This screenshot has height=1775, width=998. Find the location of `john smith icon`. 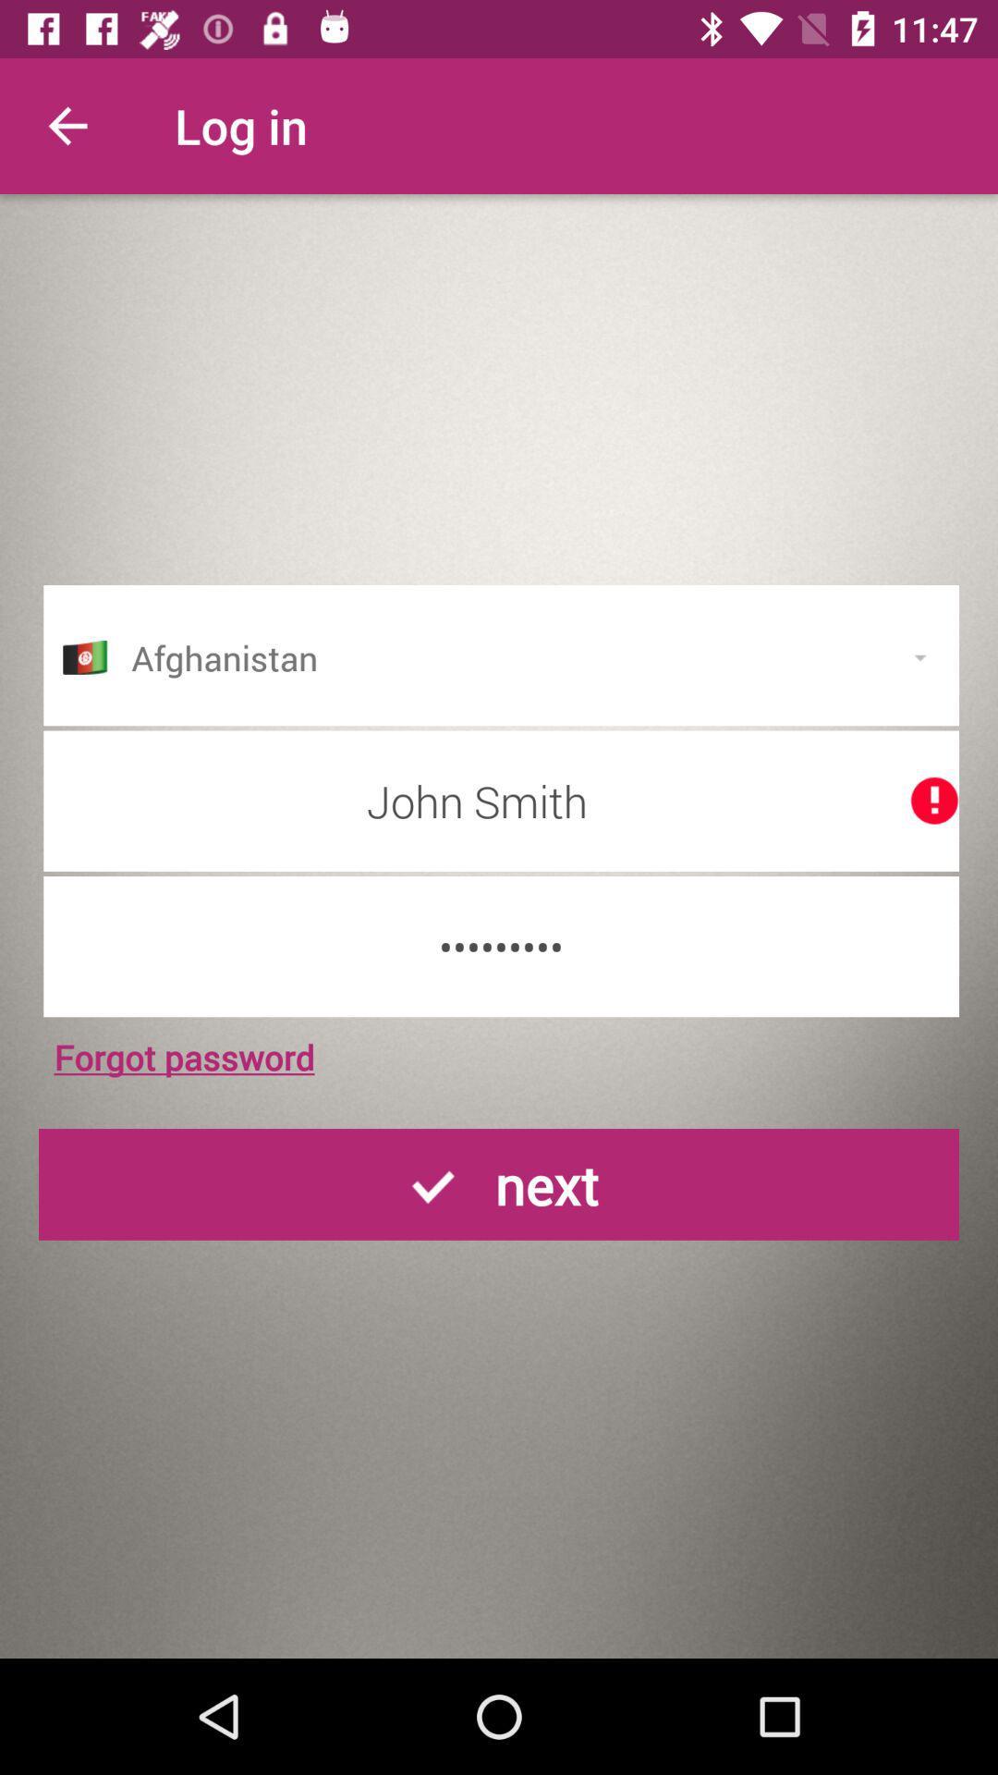

john smith icon is located at coordinates (501, 801).